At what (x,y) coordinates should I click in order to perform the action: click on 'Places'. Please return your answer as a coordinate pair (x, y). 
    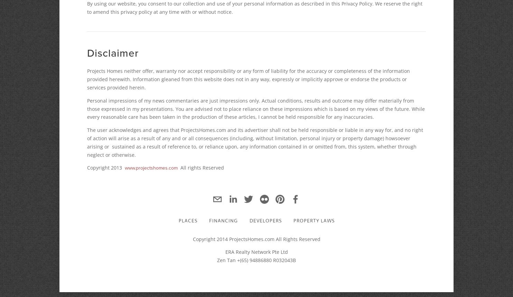
    Looking at the image, I should click on (178, 220).